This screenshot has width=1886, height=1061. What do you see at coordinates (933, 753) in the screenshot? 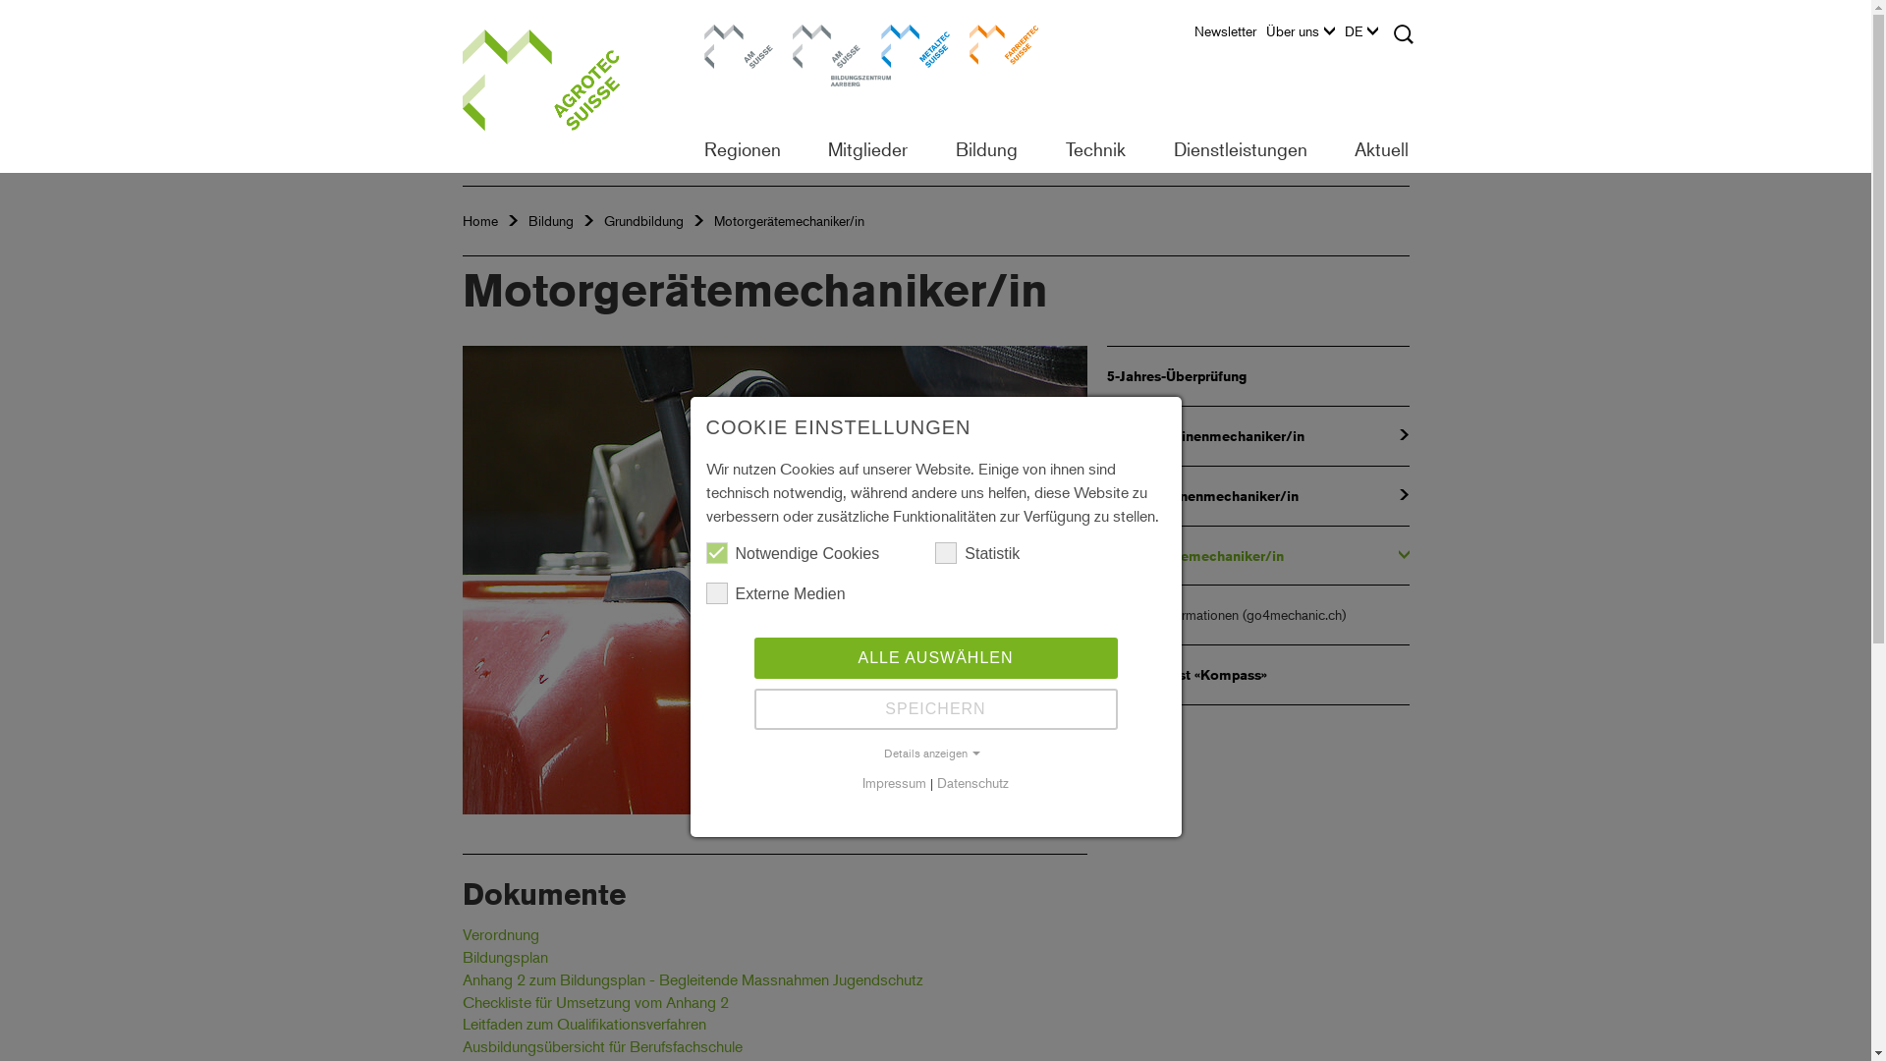
I see `'Details anzeigen'` at bounding box center [933, 753].